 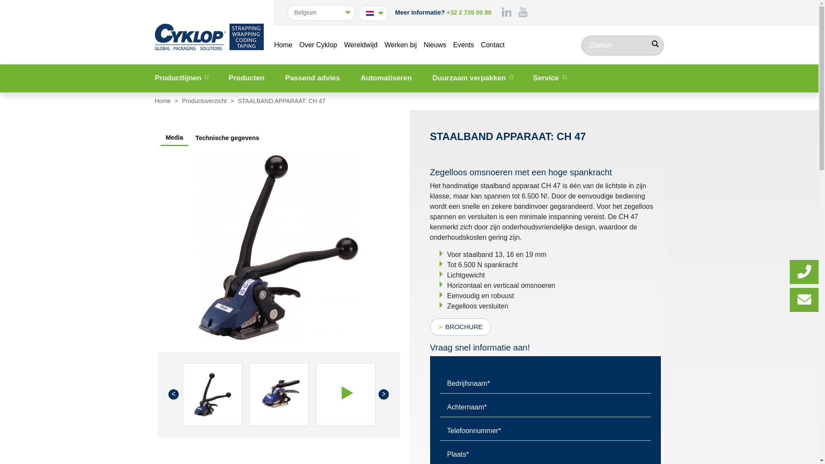 I want to click on 'Productlijnen', so click(x=181, y=78).